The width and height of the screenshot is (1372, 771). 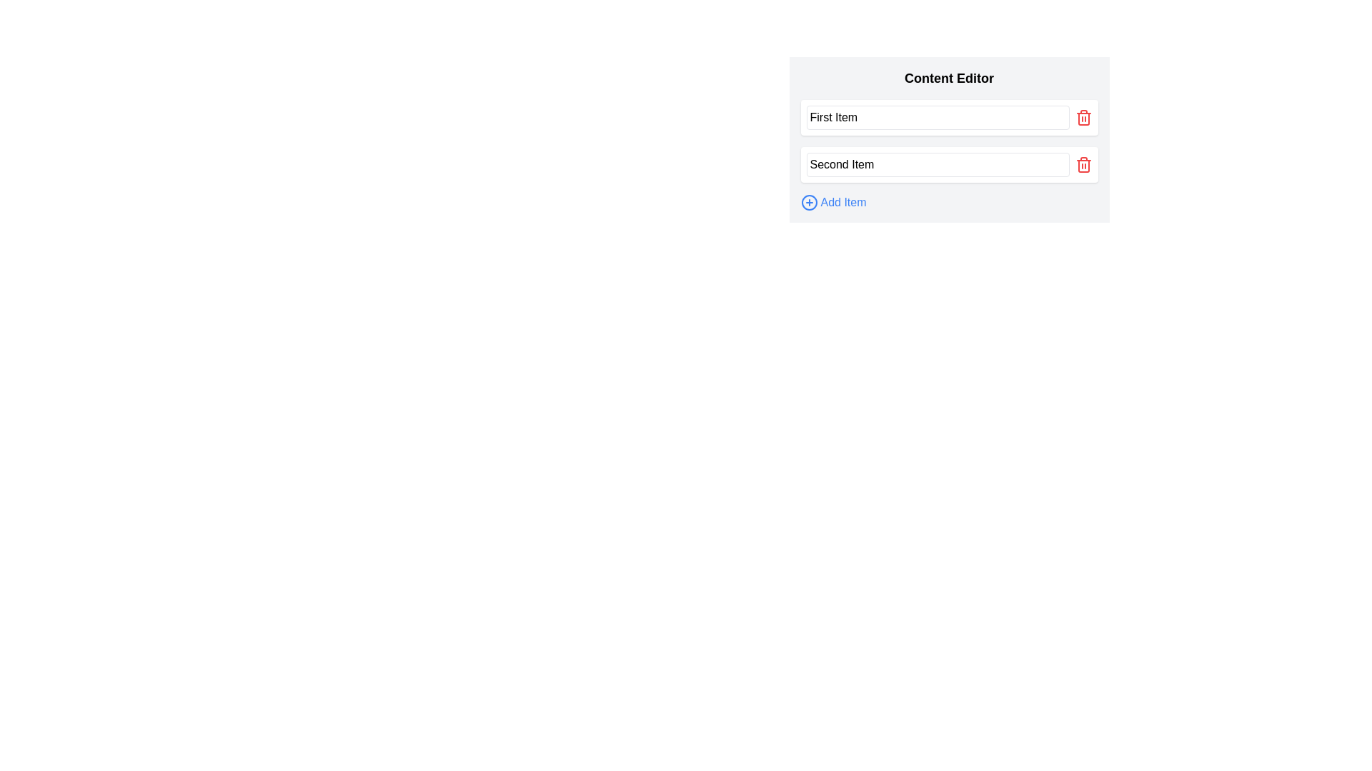 I want to click on the delete button located directly to the right of the text input field labeled 'First Item', so click(x=1083, y=117).